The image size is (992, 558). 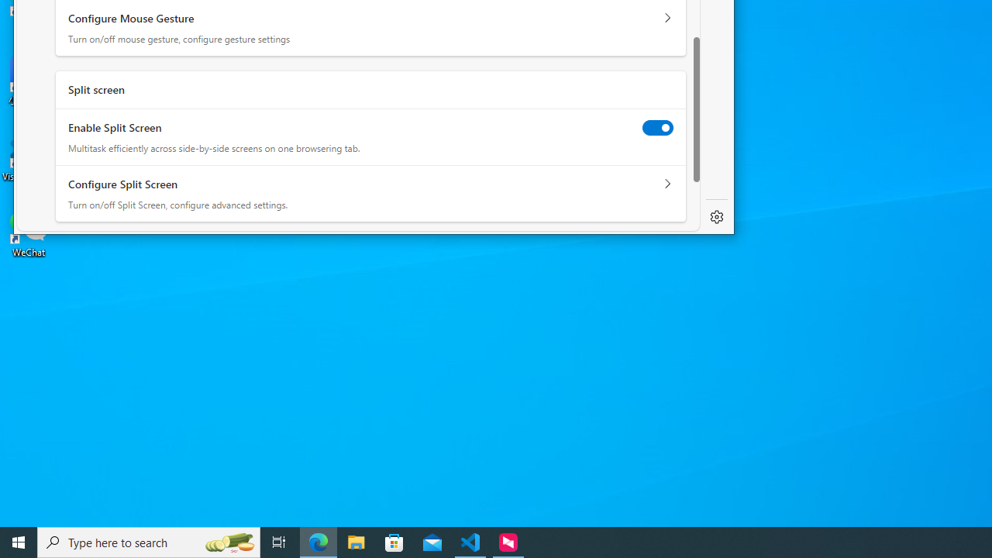 I want to click on 'File Explorer', so click(x=356, y=541).